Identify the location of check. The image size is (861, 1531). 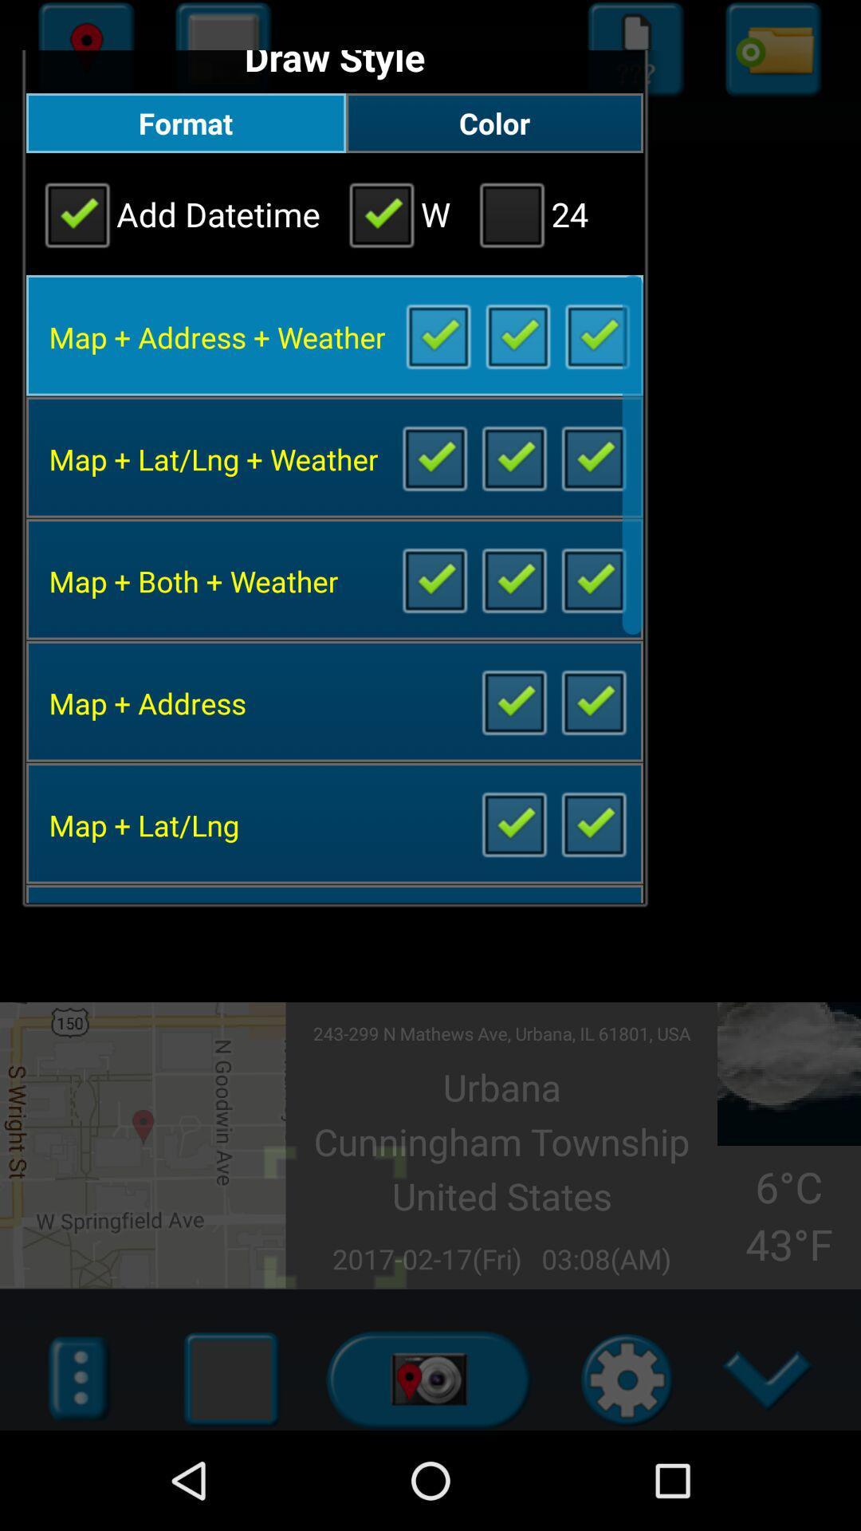
(434, 578).